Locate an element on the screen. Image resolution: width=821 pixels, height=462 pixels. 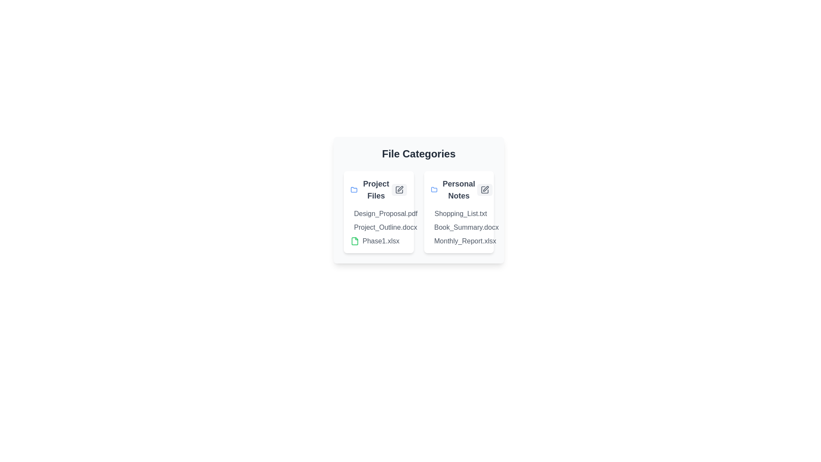
the document icon corresponding to Design_Proposal.pdf is located at coordinates (355, 213).